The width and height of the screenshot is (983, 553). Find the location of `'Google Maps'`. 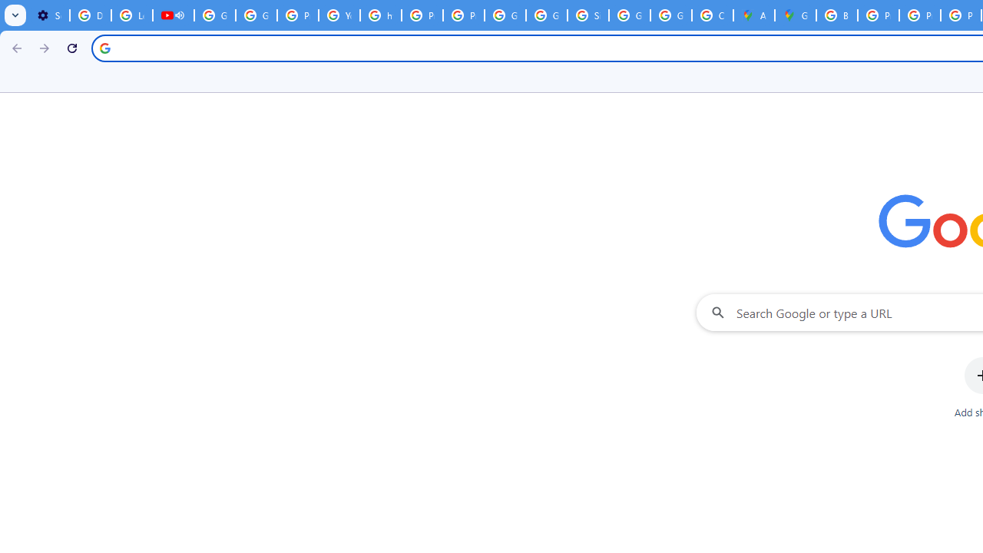

'Google Maps' is located at coordinates (796, 15).